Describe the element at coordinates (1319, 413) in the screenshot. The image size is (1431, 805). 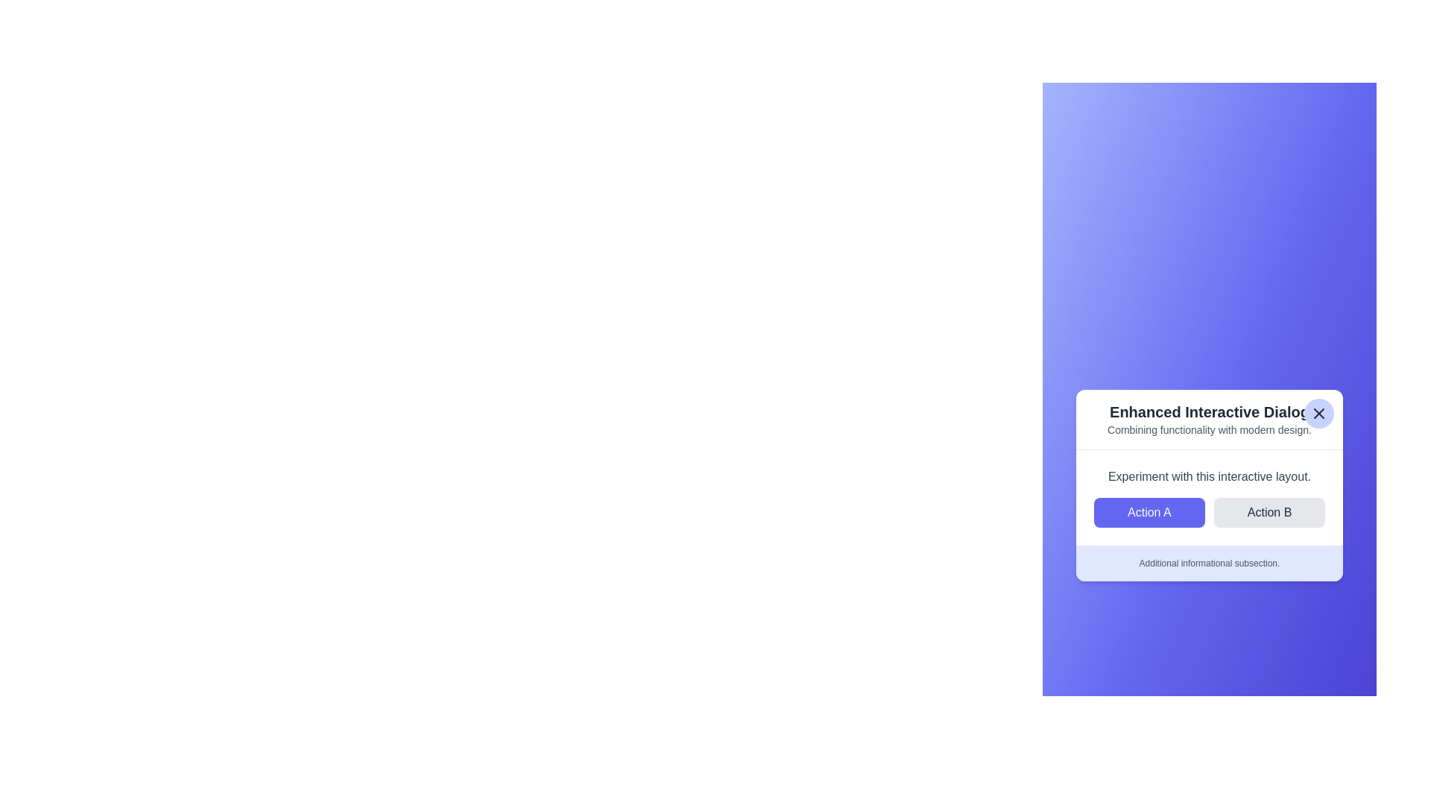
I see `the close button located at the upper-right corner of the 'Enhanced Interactive Dialog'` at that location.